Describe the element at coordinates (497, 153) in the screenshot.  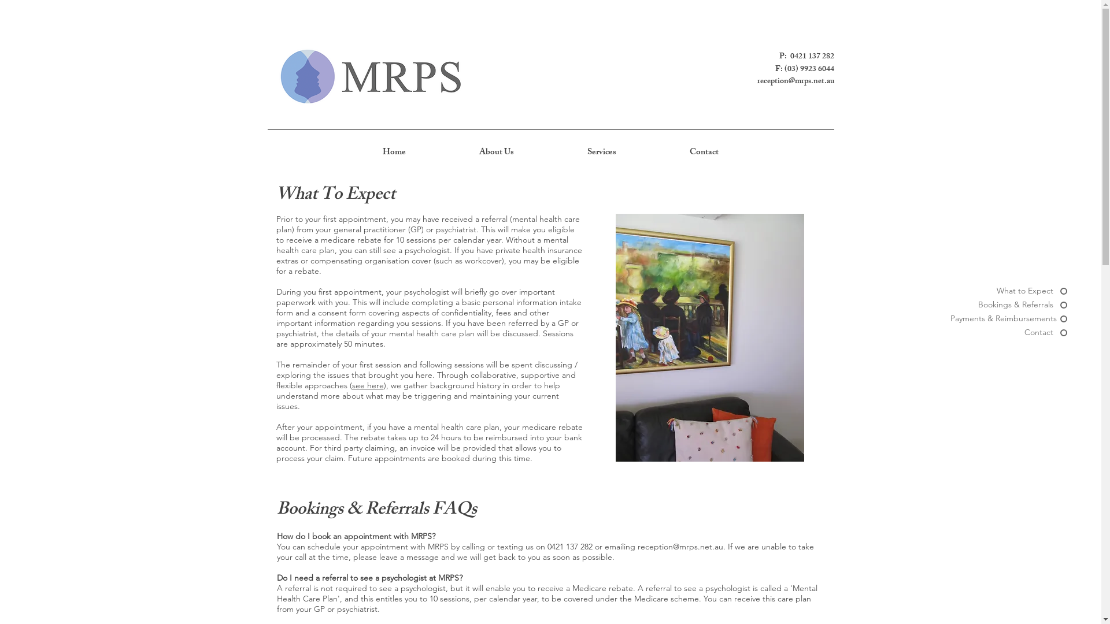
I see `'About Us'` at that location.